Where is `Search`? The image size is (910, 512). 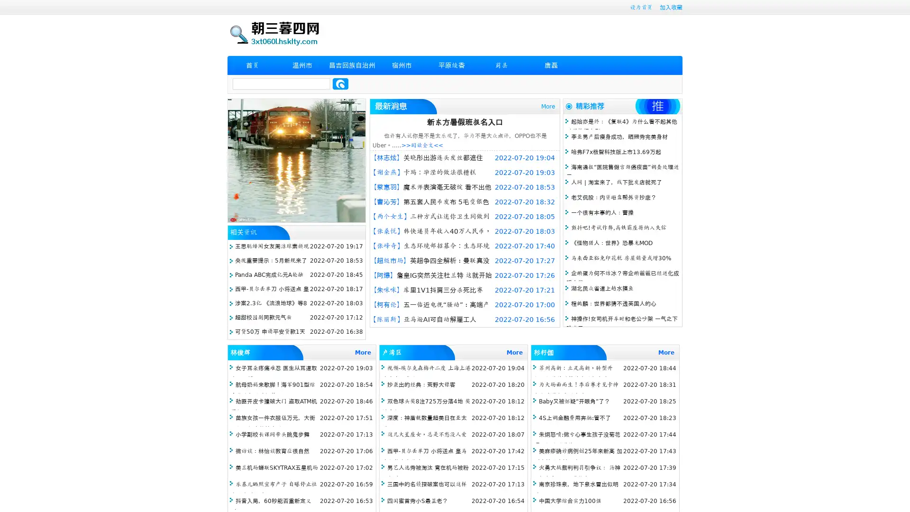
Search is located at coordinates (340, 83).